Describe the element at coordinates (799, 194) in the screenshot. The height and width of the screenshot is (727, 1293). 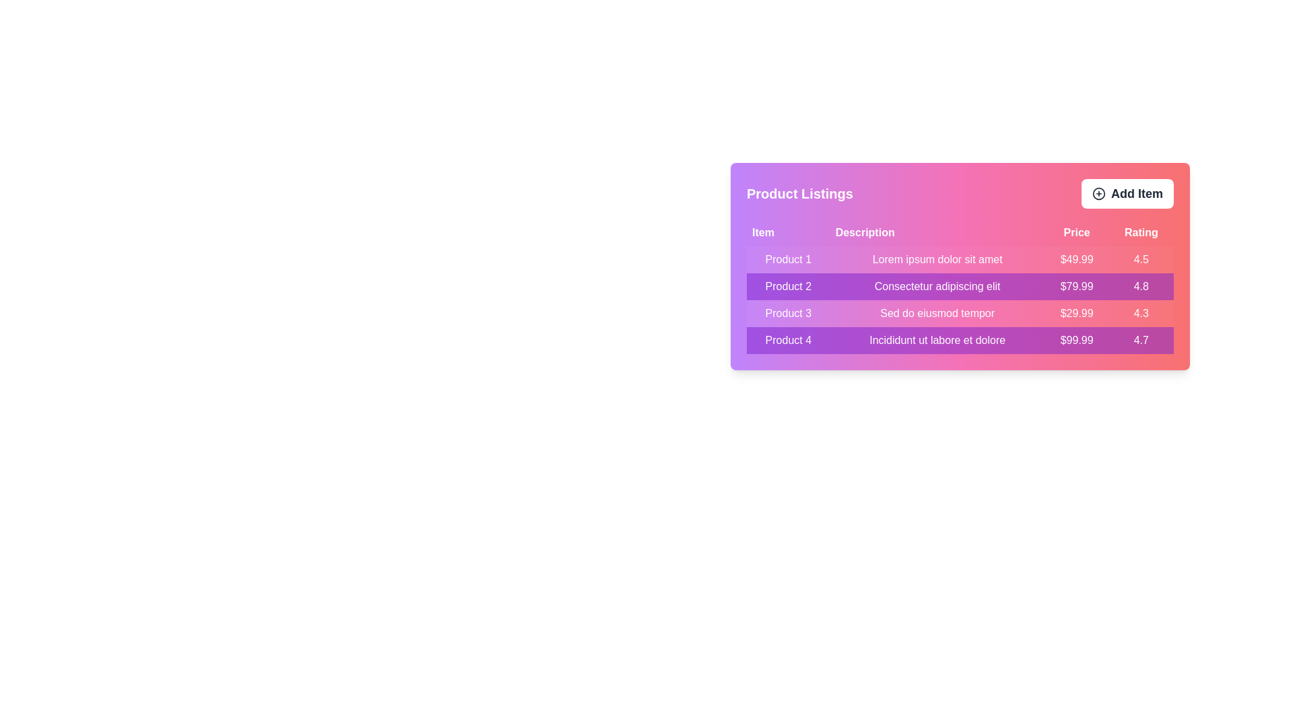
I see `the 'Product Listings' title to focus on the header` at that location.